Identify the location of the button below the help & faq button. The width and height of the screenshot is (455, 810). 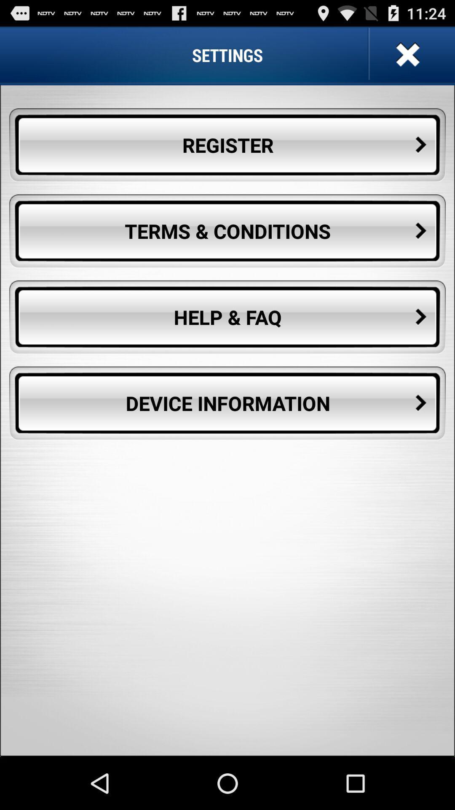
(227, 403).